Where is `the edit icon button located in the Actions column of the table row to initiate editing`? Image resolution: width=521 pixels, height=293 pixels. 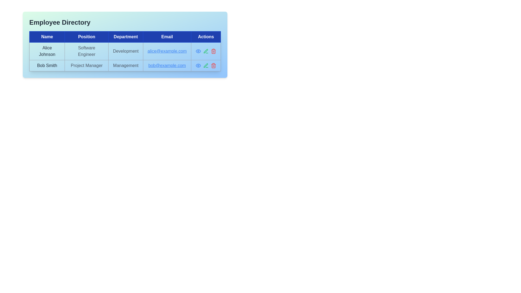 the edit icon button located in the Actions column of the table row to initiate editing is located at coordinates (205, 65).